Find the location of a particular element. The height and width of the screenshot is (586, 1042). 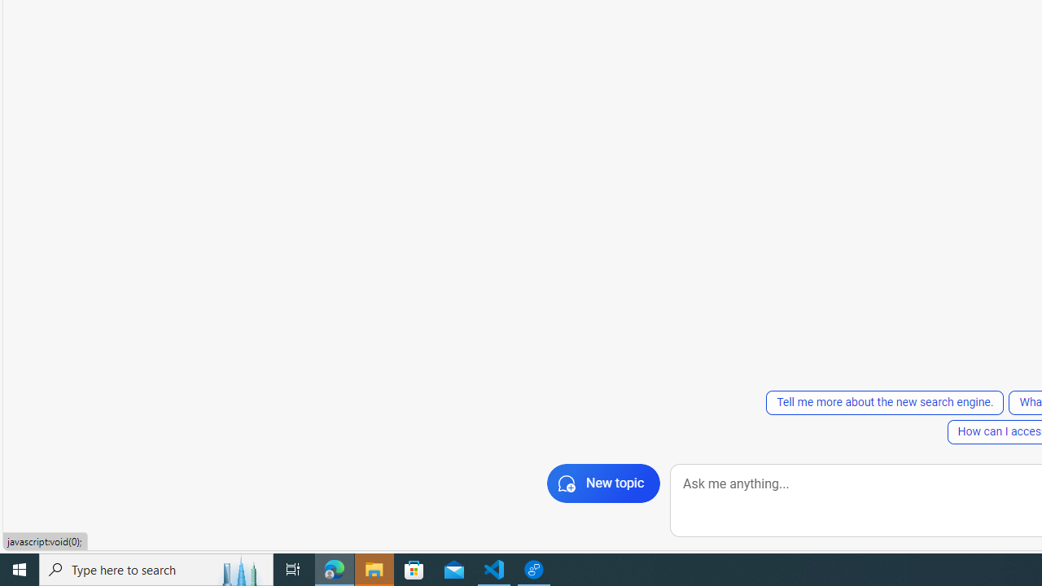

'New topic' is located at coordinates (602, 483).